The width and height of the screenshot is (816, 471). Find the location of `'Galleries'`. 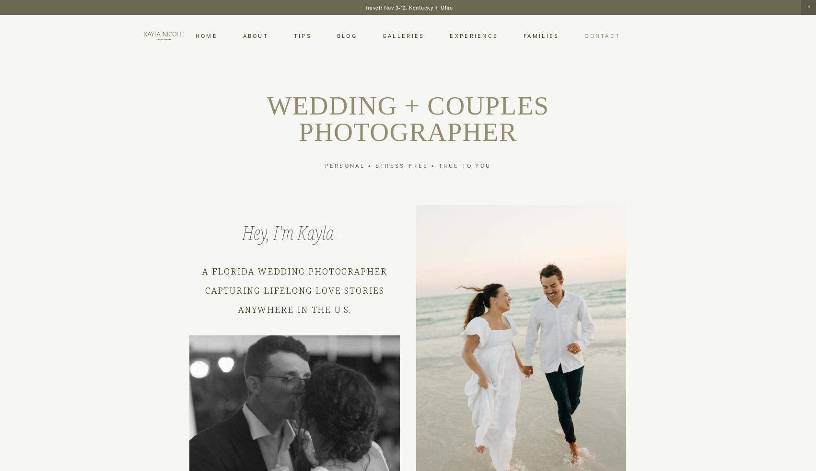

'Galleries' is located at coordinates (402, 35).